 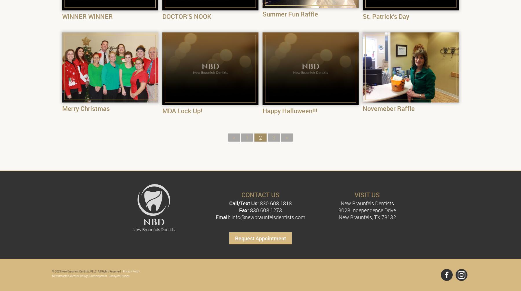 I want to click on 'Fax:', so click(x=244, y=210).